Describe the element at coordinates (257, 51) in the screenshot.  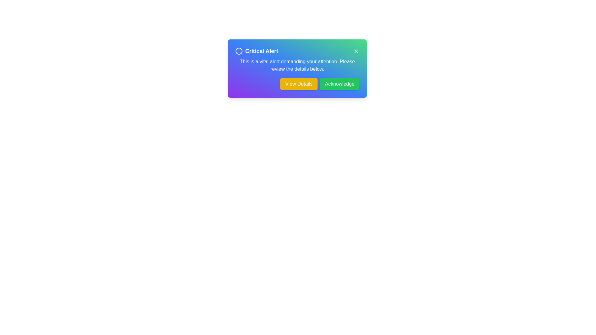
I see `the 'Critical Alert' header, which features a prominent bold text and an alert icon` at that location.